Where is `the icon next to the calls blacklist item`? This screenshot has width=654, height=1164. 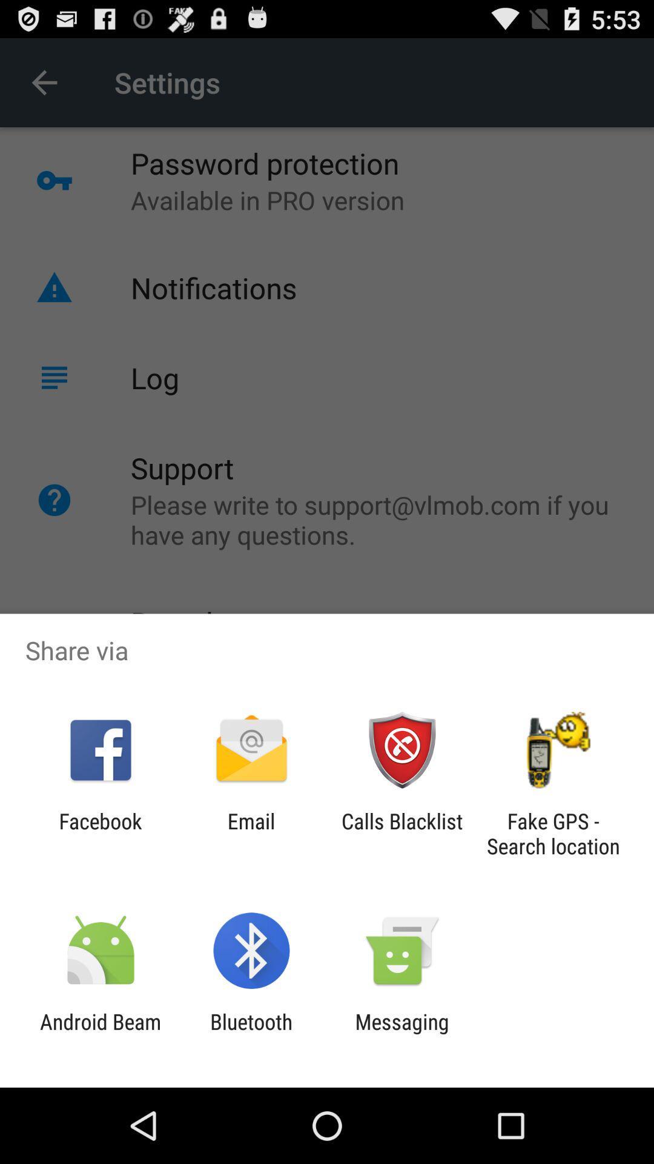
the icon next to the calls blacklist item is located at coordinates (251, 833).